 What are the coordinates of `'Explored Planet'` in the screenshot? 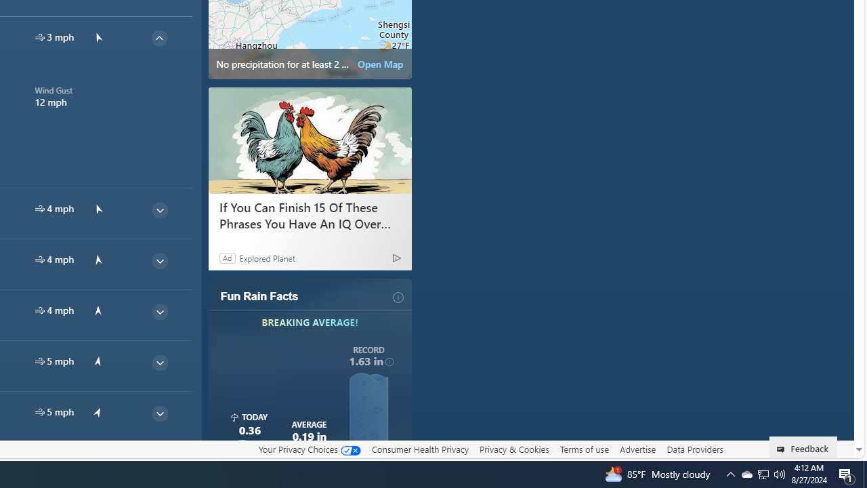 It's located at (267, 258).